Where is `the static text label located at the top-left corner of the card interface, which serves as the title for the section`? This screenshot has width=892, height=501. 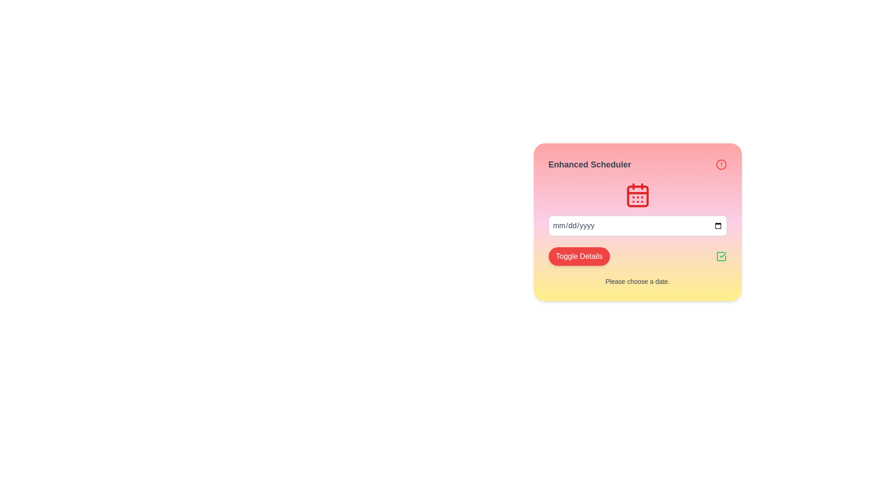
the static text label located at the top-left corner of the card interface, which serves as the title for the section is located at coordinates (589, 164).